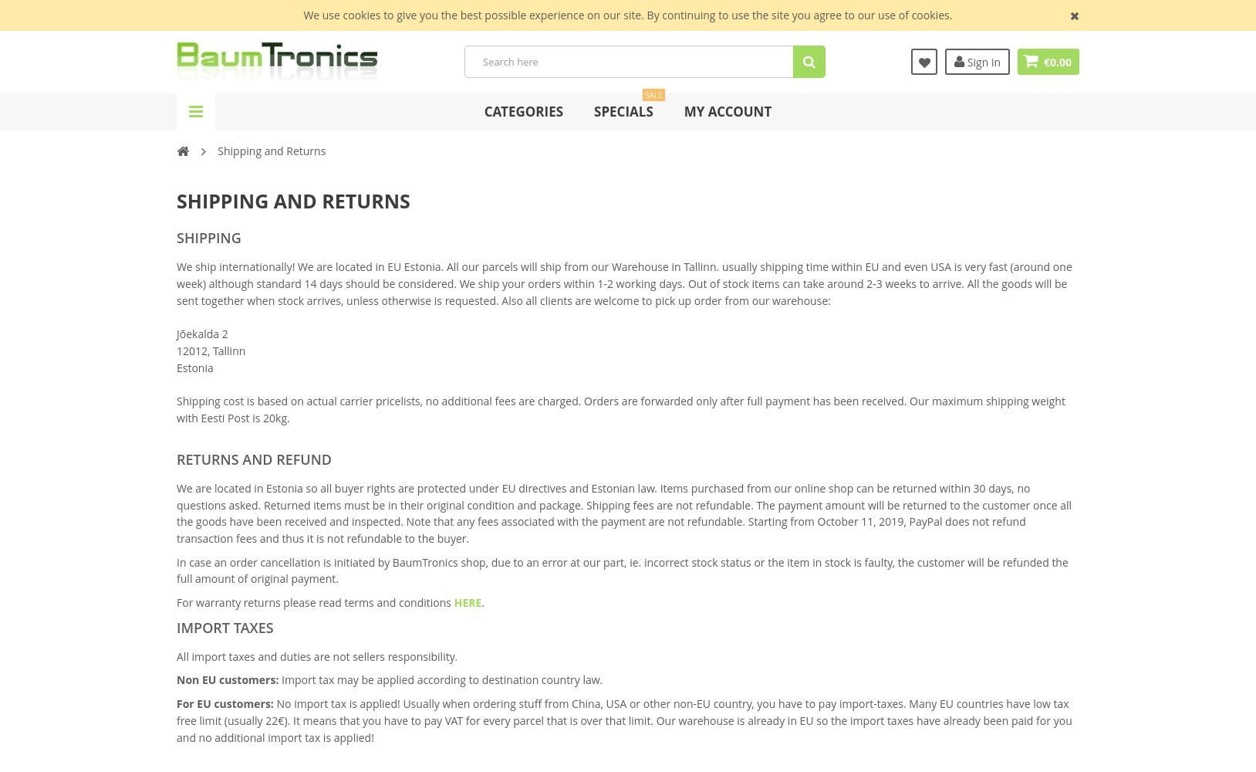  I want to click on 'We use cookies to give you the best possible experience on our site. By continuing to use the site you agree to our use of cookies.', so click(627, 15).